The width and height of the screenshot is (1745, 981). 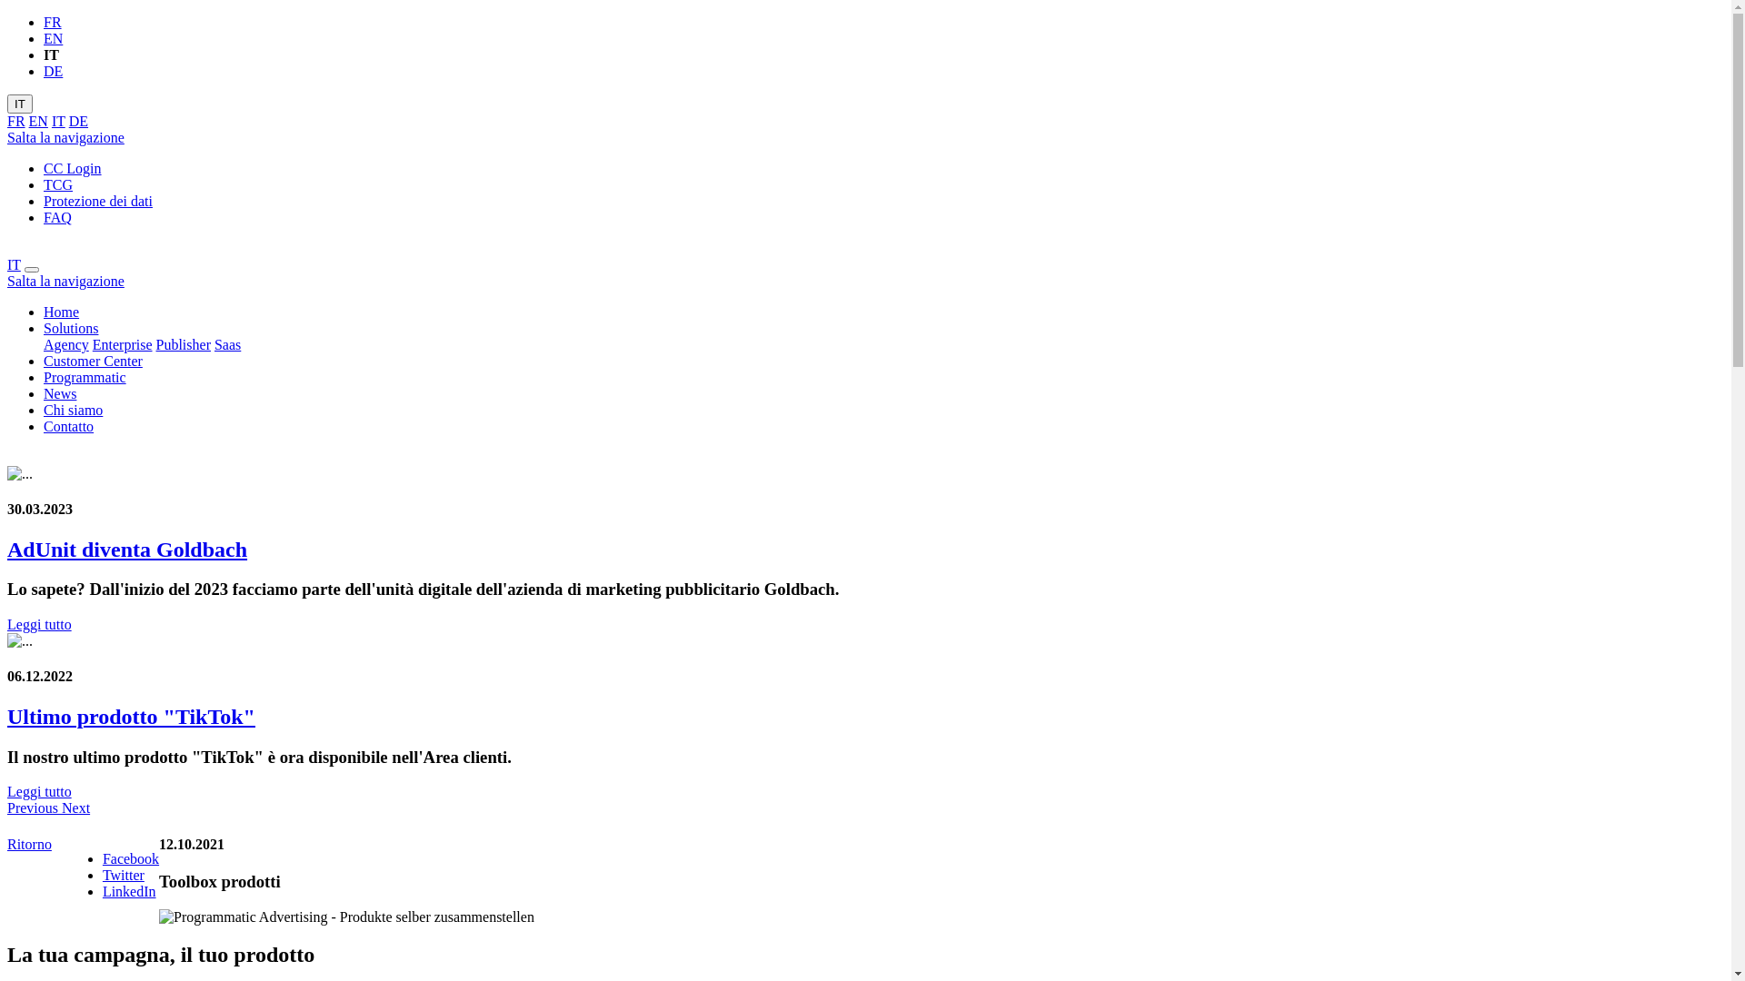 What do you see at coordinates (20, 104) in the screenshot?
I see `'IT'` at bounding box center [20, 104].